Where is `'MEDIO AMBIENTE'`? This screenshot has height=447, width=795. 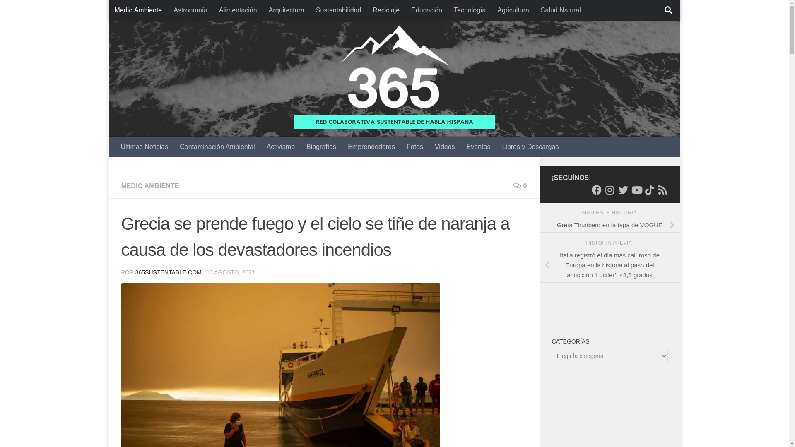
'MEDIO AMBIENTE' is located at coordinates (120, 185).